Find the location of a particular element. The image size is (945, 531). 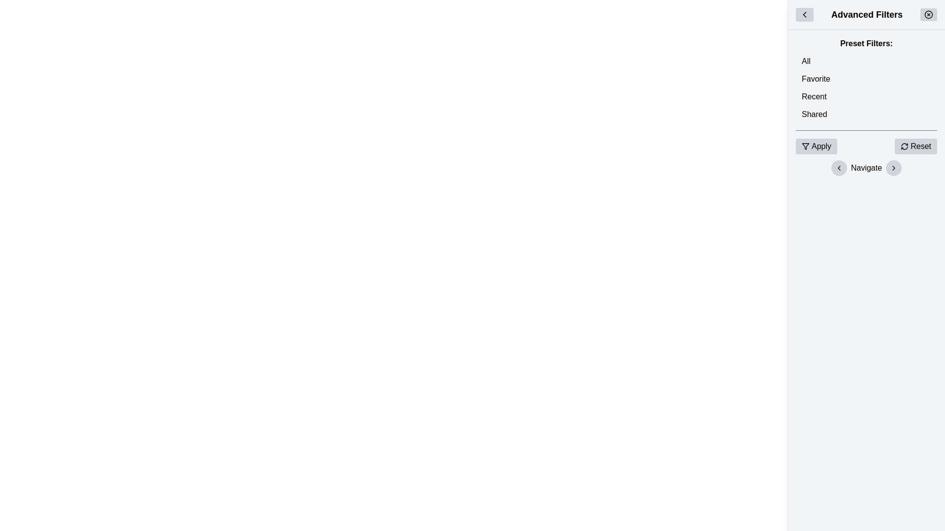

the chevron icon in the back button located in the upper-left corner of the 'Advanced Filters' sidebar is located at coordinates (805, 15).